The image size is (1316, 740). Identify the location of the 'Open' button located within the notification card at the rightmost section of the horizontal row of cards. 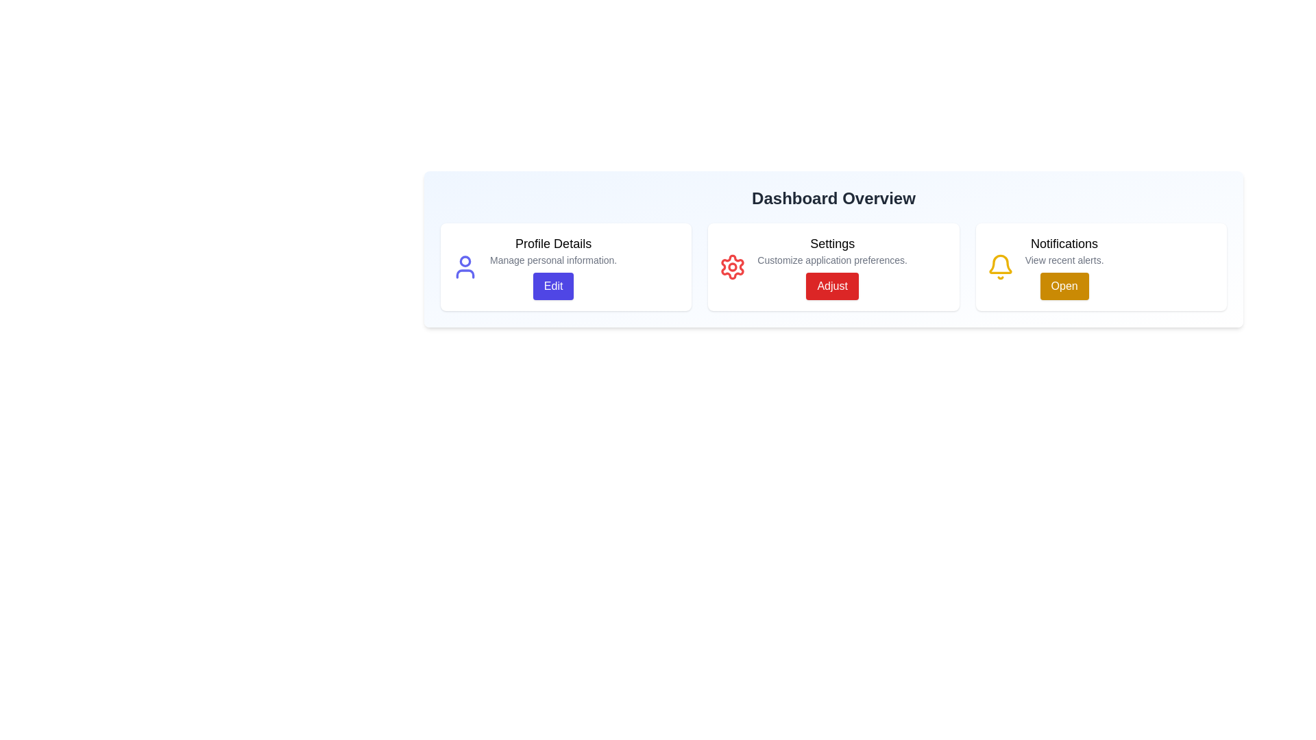
(1064, 267).